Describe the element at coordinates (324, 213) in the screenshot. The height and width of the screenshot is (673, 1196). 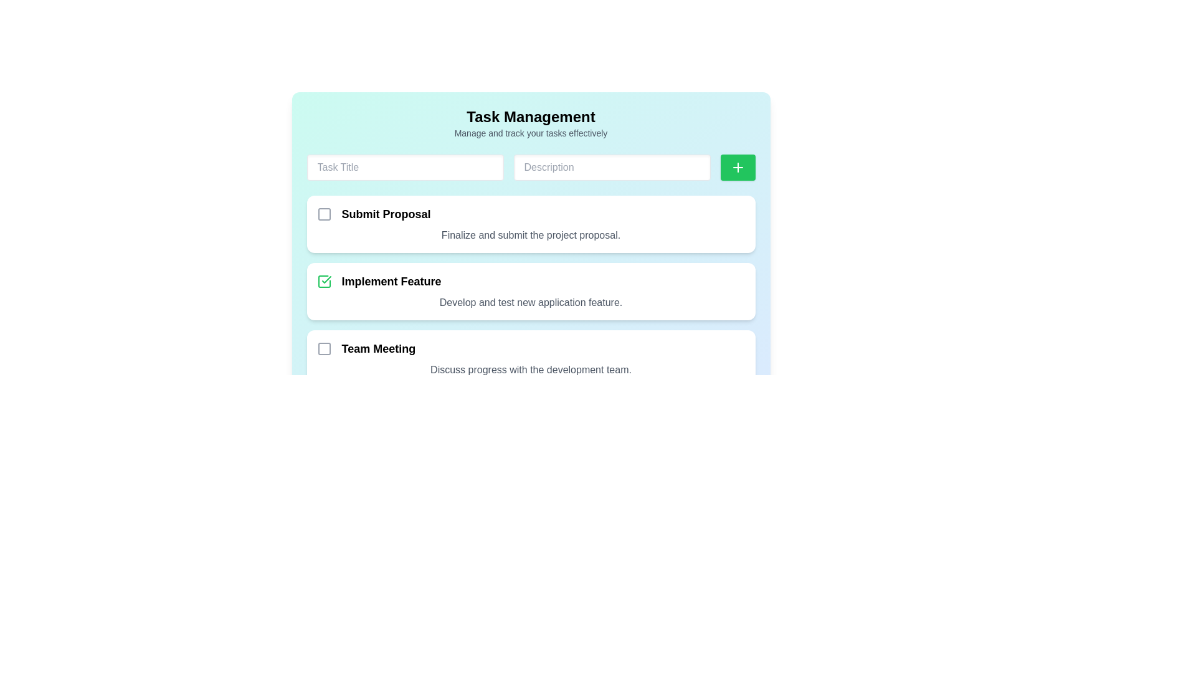
I see `the Checkbox icon located to the left of the 'Submit Proposal' task, which is the first checkable option in the 'Task Management' section` at that location.